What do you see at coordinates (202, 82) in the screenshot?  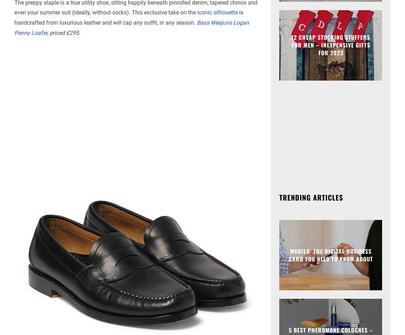 I see `'We respect your privacy. We won’t spam you.'` at bounding box center [202, 82].